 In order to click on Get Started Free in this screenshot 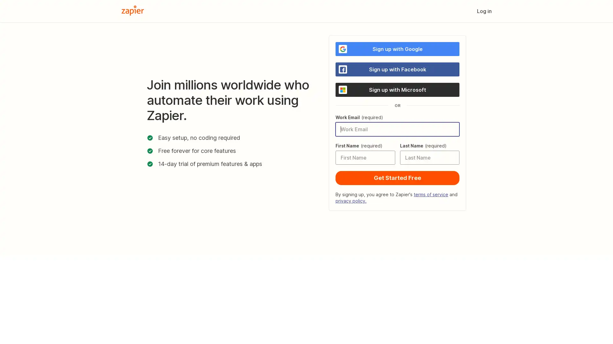, I will do `click(397, 178)`.